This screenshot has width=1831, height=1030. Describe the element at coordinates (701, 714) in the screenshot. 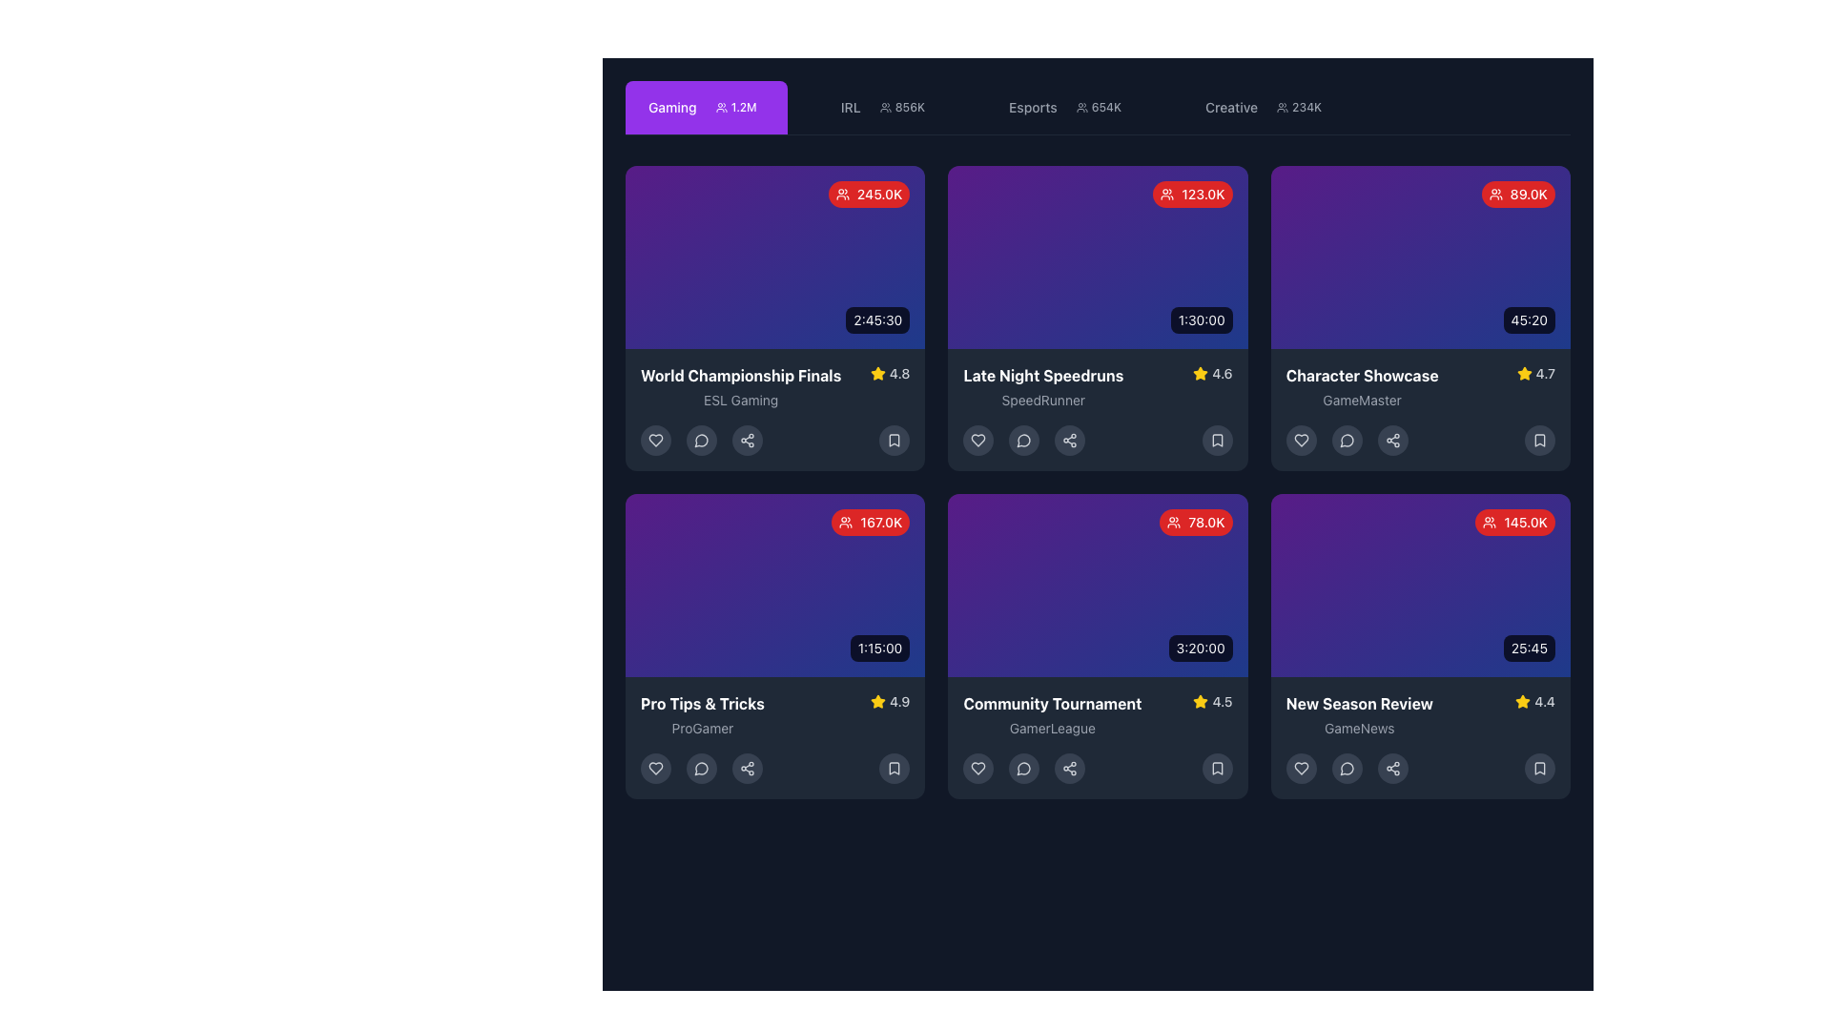

I see `the surrounding elements of the card by clicking on the text label that reads 'Pro Tips & Tricks' and 'ProGamer' located in the bottom-left portion of the third card in the second row of the grid layout` at that location.